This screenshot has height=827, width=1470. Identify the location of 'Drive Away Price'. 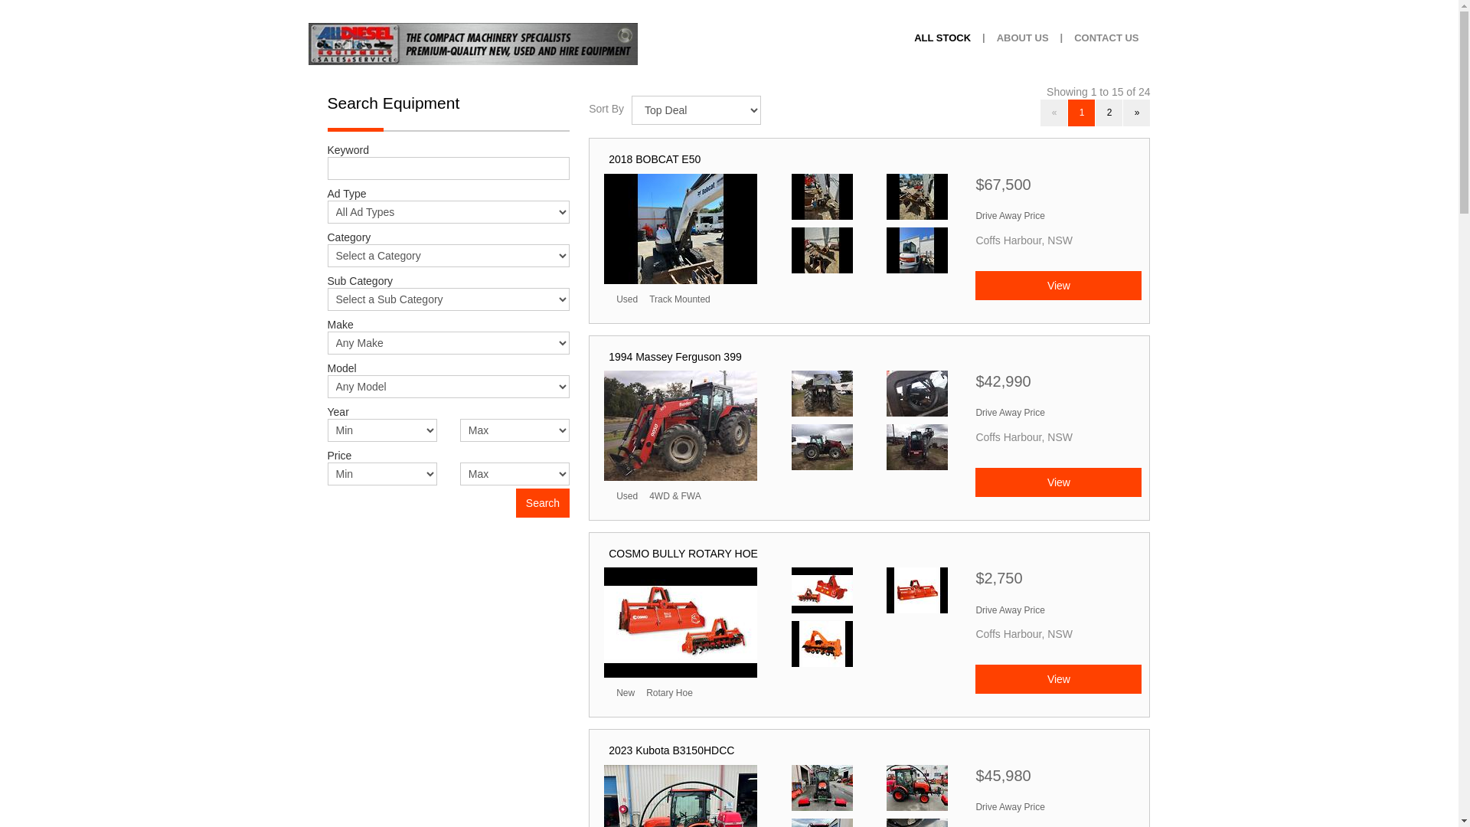
(1010, 215).